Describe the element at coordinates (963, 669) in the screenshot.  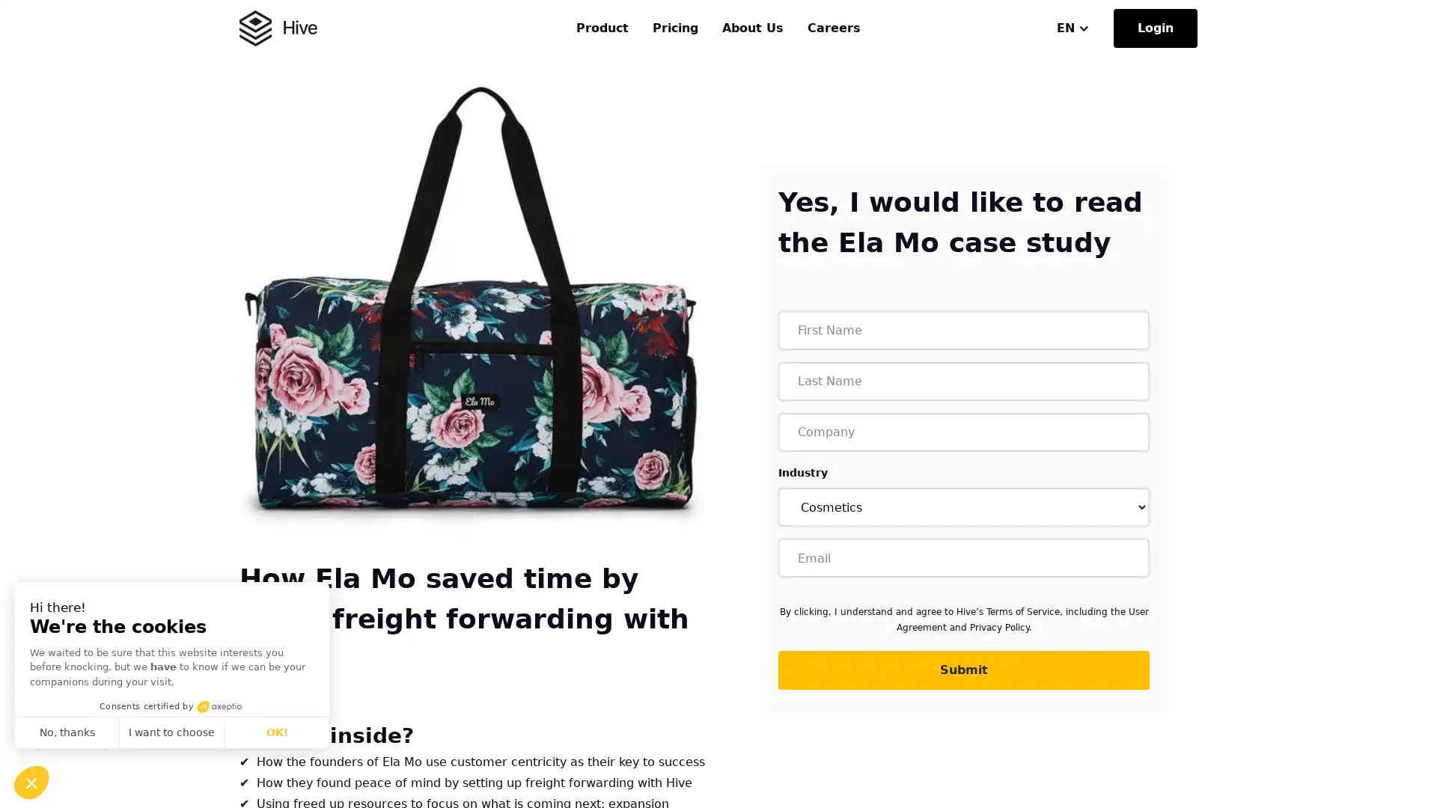
I see `Submit` at that location.